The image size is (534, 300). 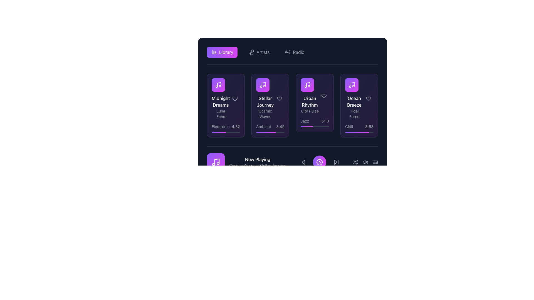 What do you see at coordinates (226, 52) in the screenshot?
I see `displayed text of the 'Library' navigation label located in the upper left corner of the interface` at bounding box center [226, 52].